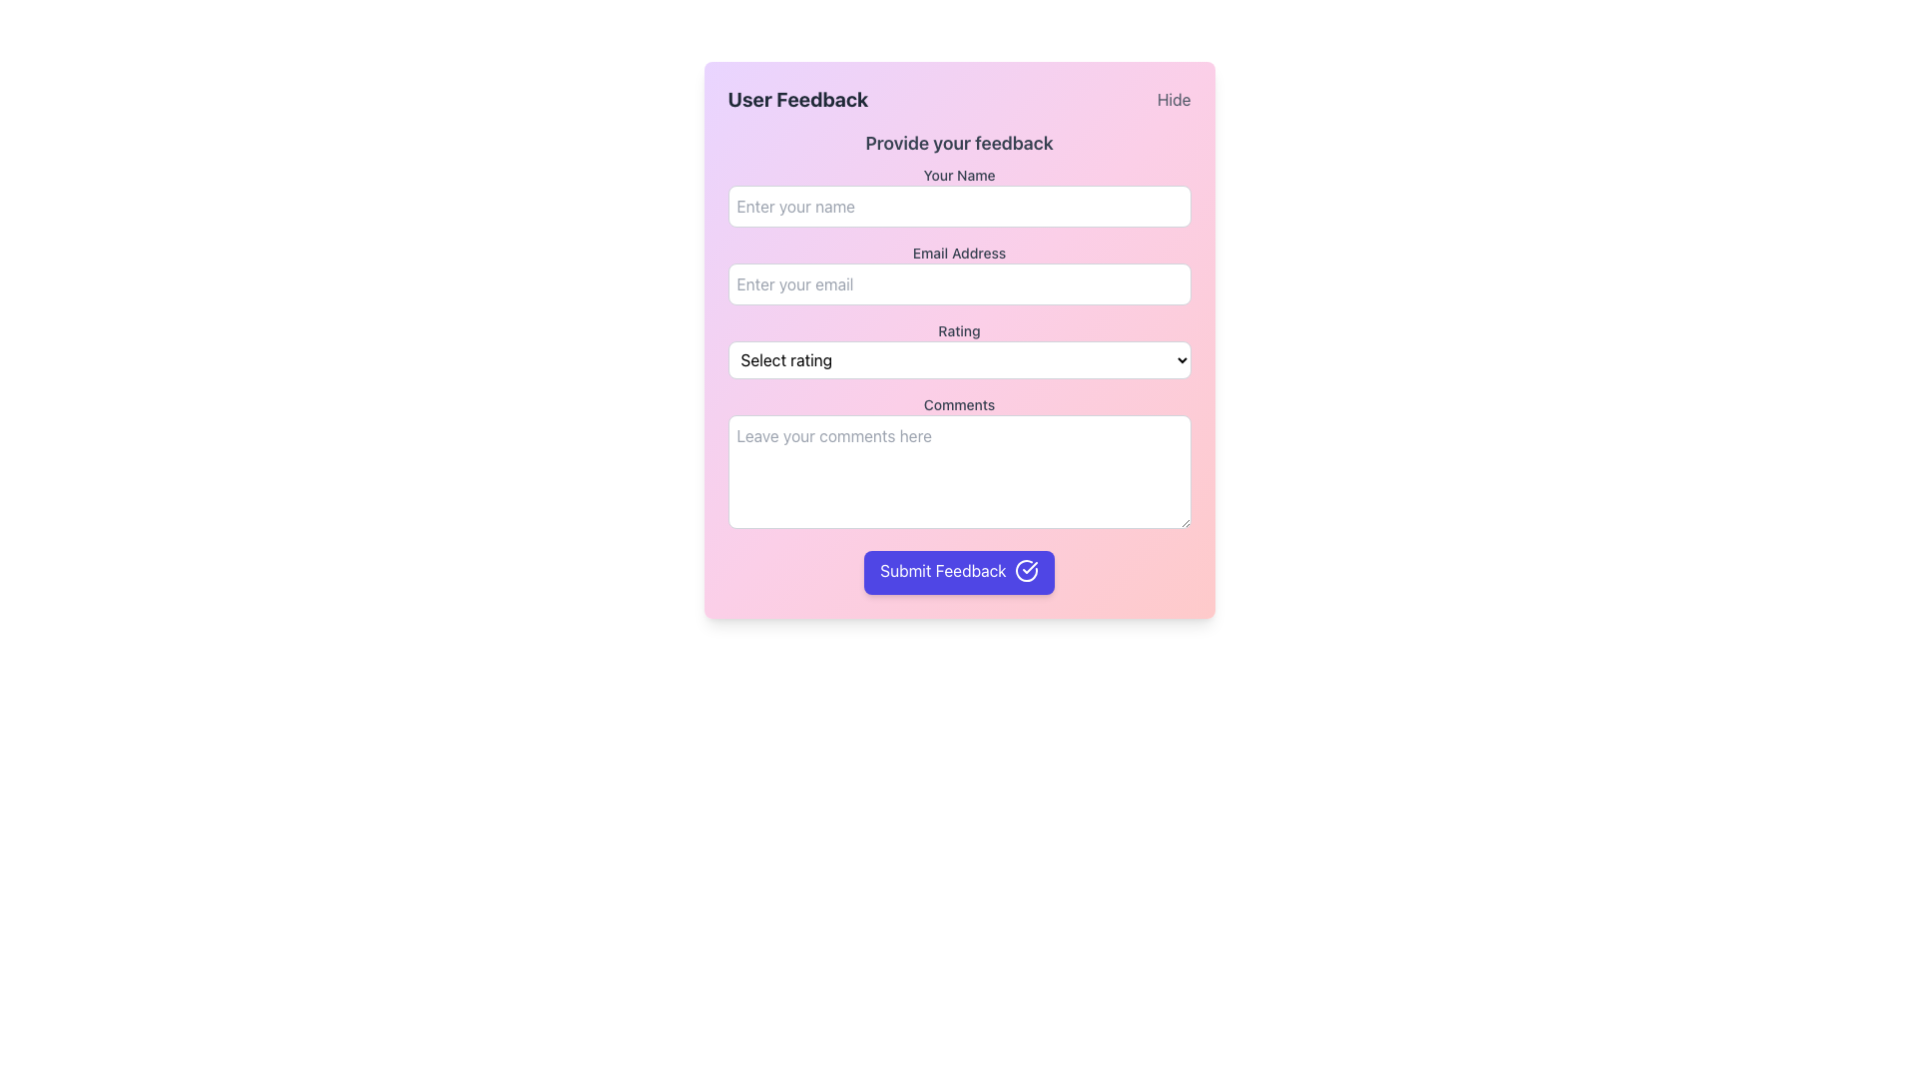 The height and width of the screenshot is (1078, 1916). I want to click on the checkmark inside a circle icon located at the center-right edge of the 'Submit Feedback' button, so click(1026, 570).